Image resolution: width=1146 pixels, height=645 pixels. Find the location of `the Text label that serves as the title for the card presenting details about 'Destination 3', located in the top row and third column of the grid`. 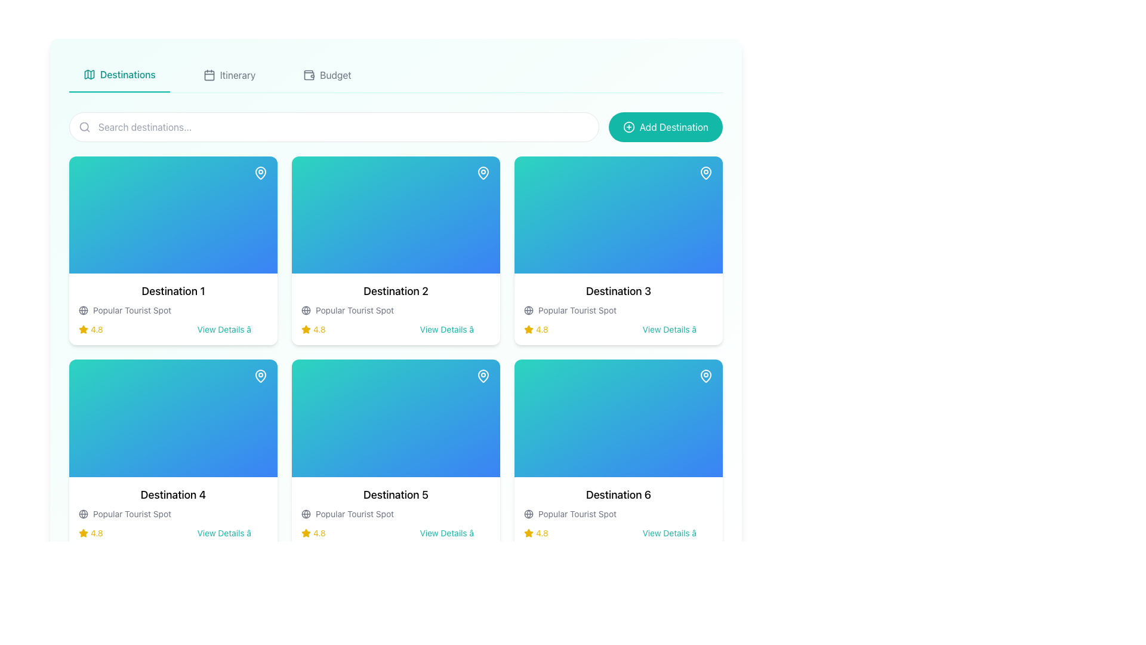

the Text label that serves as the title for the card presenting details about 'Destination 3', located in the top row and third column of the grid is located at coordinates (618, 291).